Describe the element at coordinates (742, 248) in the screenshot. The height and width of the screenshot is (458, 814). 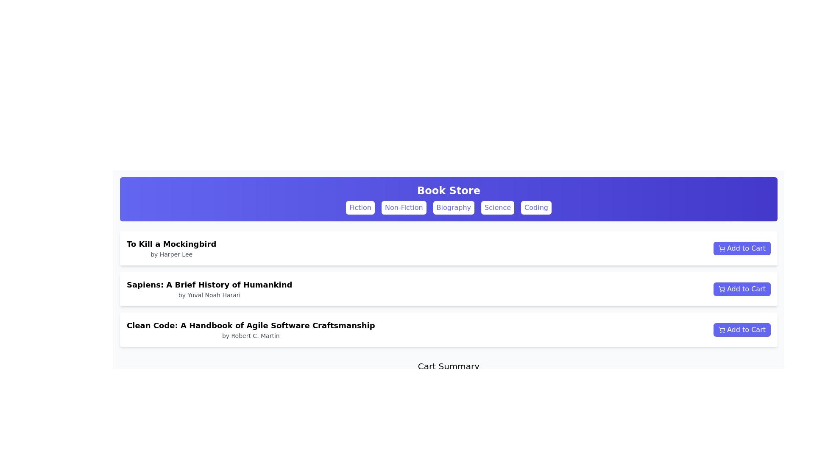
I see `the 'Add to Cart' button for 'To Kill a Mockingbird' to change its background color` at that location.